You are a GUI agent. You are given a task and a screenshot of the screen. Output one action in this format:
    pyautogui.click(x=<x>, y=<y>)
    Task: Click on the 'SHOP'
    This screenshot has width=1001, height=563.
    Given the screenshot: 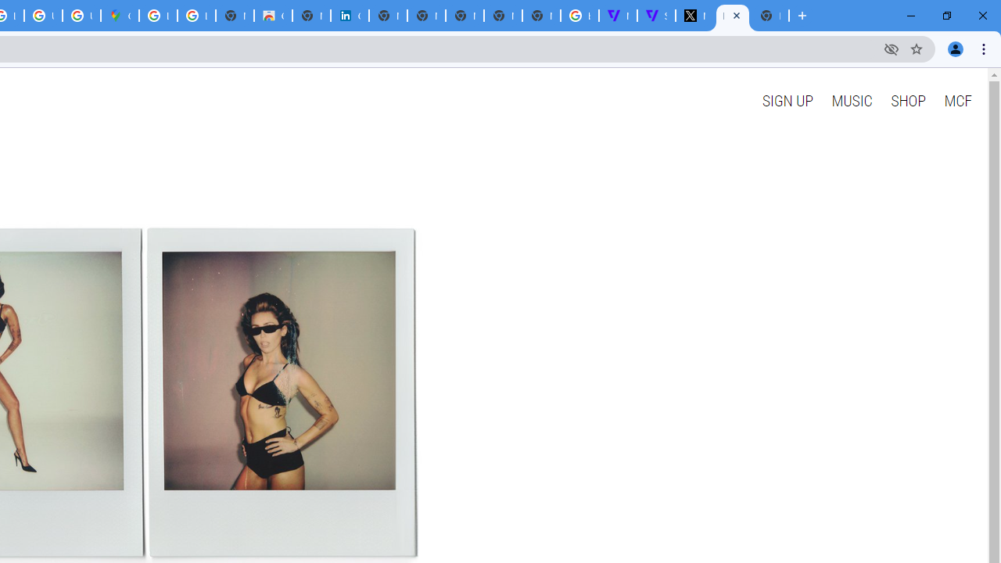 What is the action you would take?
    pyautogui.click(x=908, y=100)
    